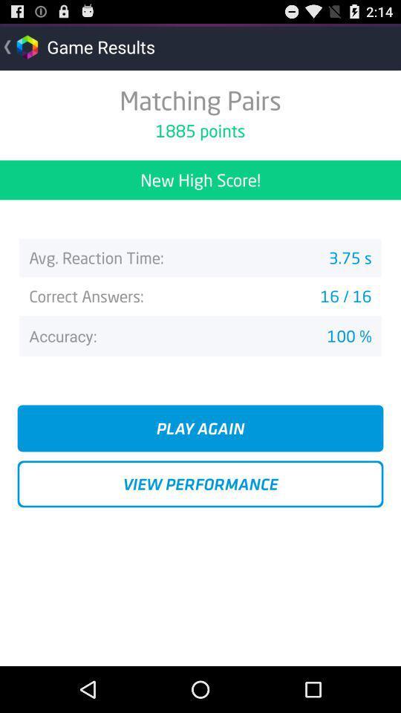  Describe the element at coordinates (200, 428) in the screenshot. I see `item below accuracy:` at that location.